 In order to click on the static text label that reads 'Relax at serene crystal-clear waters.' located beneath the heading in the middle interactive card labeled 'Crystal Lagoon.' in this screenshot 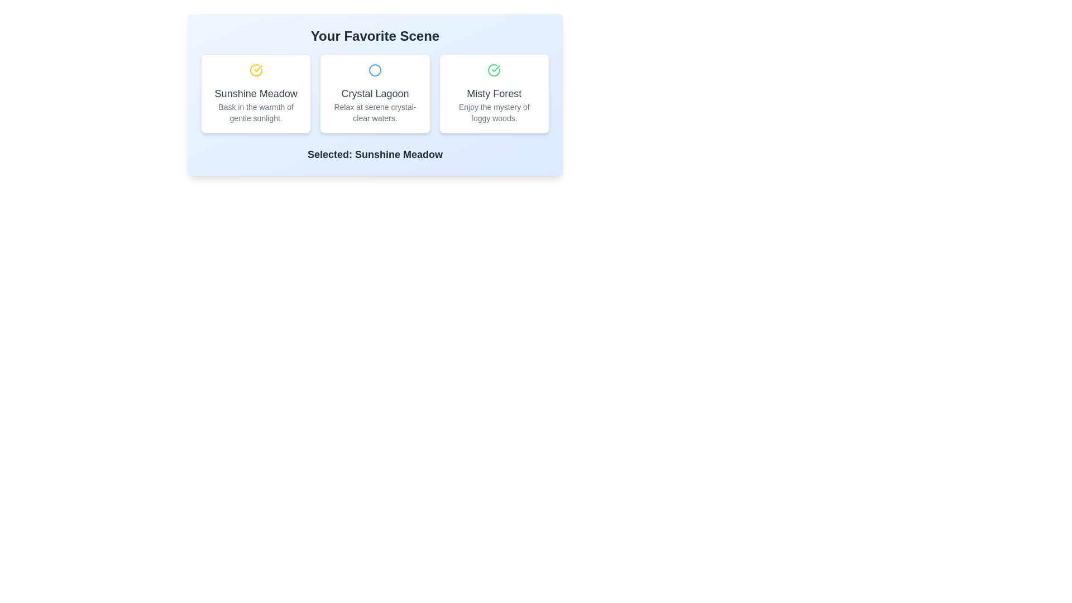, I will do `click(375, 112)`.